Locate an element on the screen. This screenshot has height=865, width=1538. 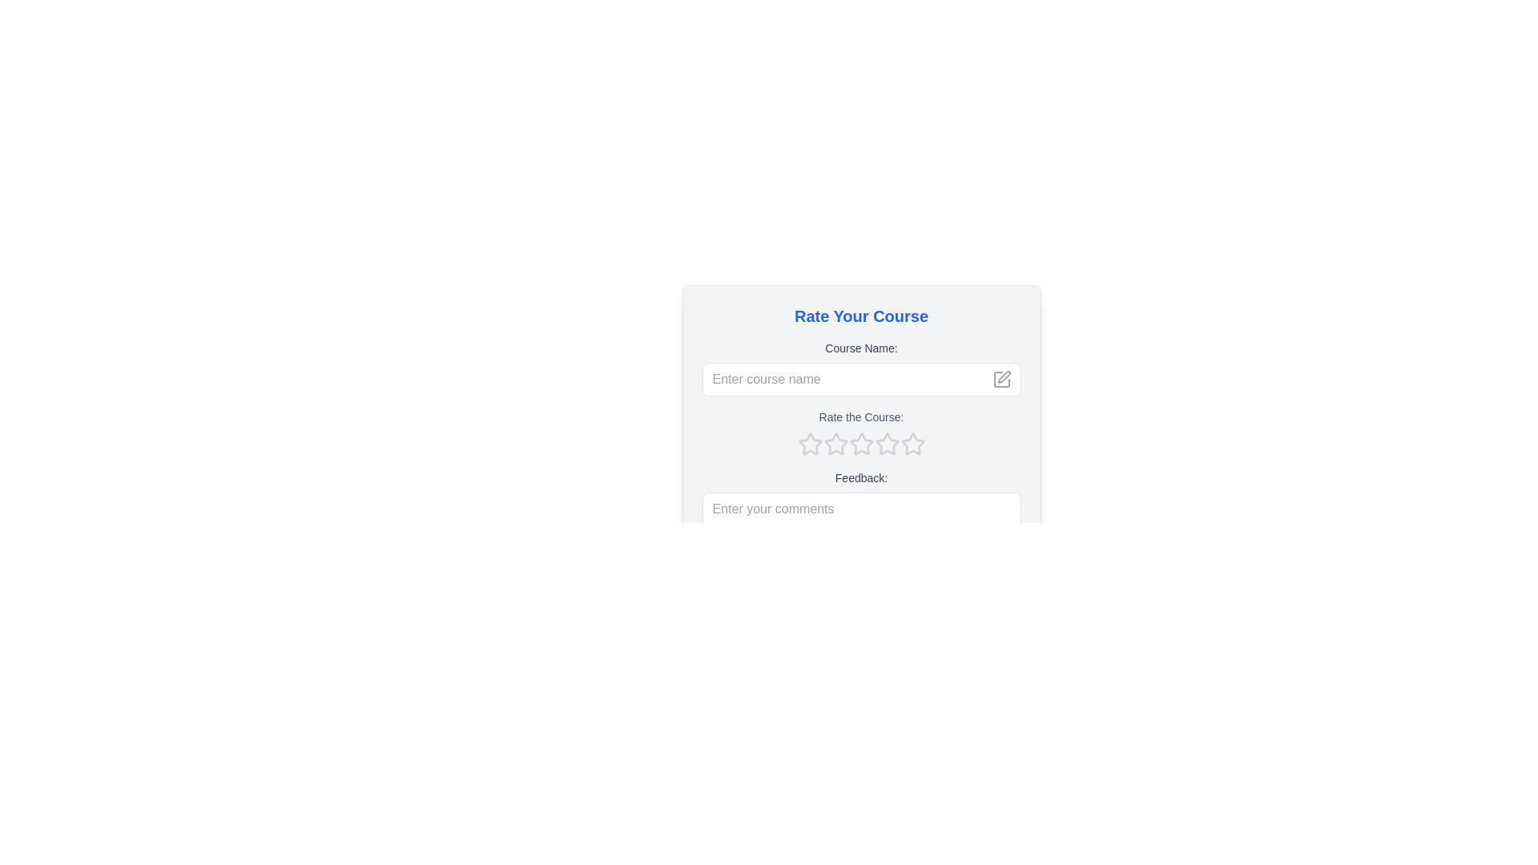
the fourth star-shaped icon in the rating section titled 'Rate the Course' is located at coordinates (860, 445).